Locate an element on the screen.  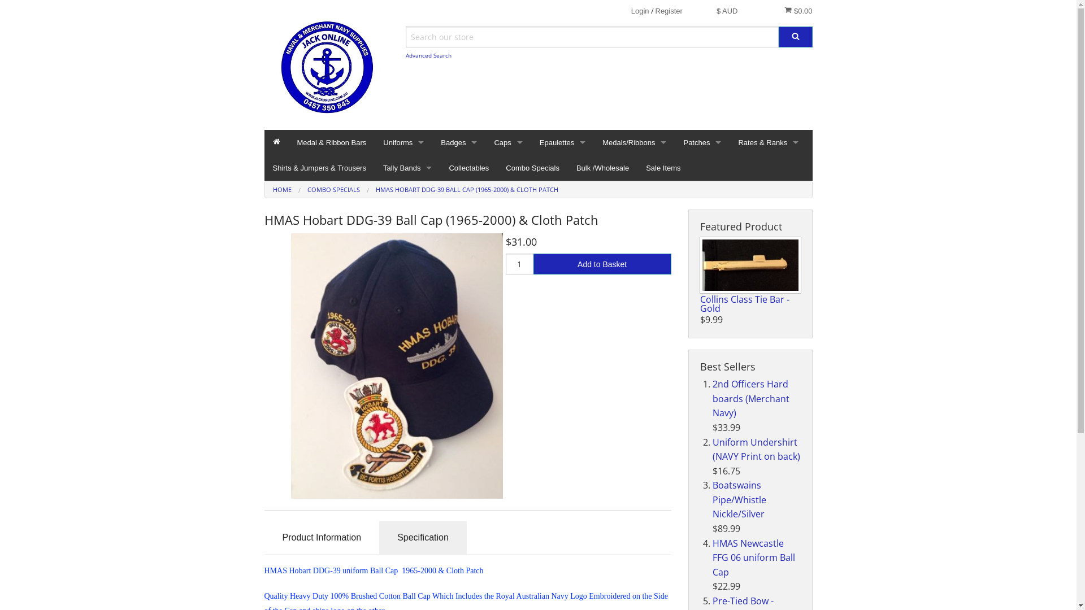
'Add to Basket' is located at coordinates (601, 264).